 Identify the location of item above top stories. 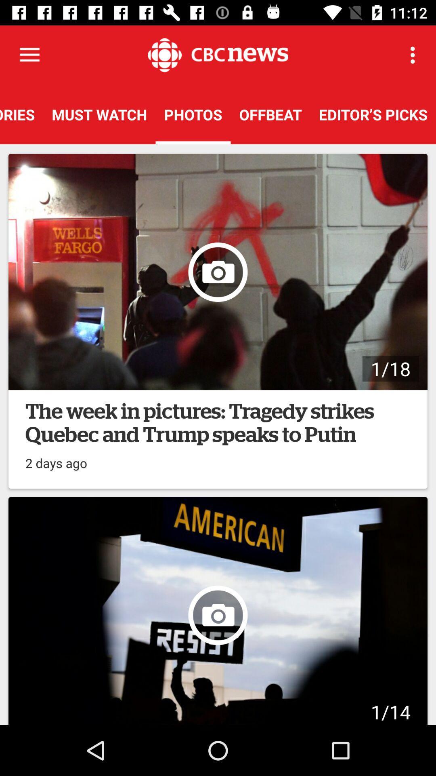
(29, 55).